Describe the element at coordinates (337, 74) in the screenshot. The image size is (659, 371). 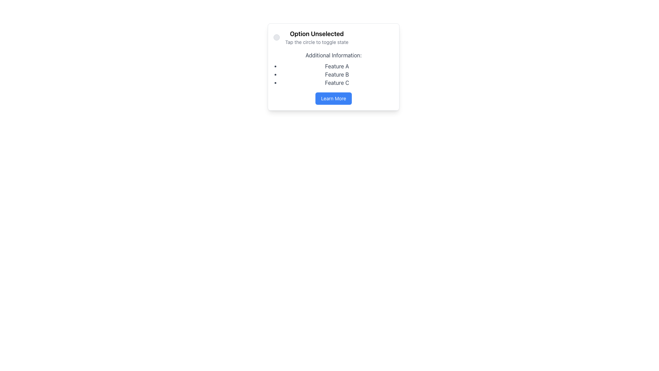
I see `the second item in the bulleted list that provides descriptive information about a feature` at that location.